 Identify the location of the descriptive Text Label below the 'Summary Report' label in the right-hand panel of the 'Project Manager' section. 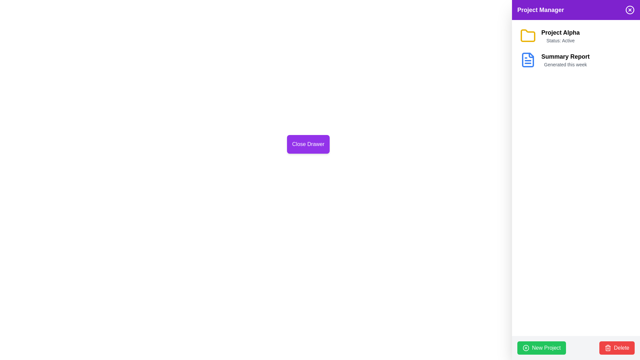
(565, 64).